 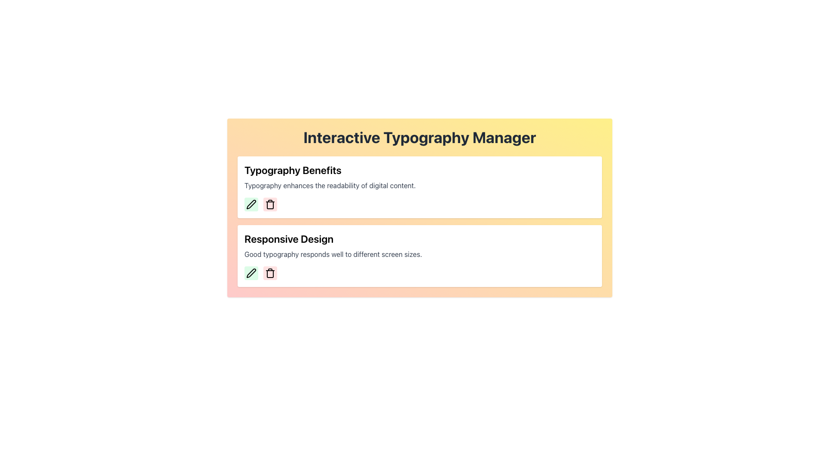 What do you see at coordinates (269, 273) in the screenshot?
I see `the delete button associated with the 'Responsive Design' entry to change its background shade` at bounding box center [269, 273].